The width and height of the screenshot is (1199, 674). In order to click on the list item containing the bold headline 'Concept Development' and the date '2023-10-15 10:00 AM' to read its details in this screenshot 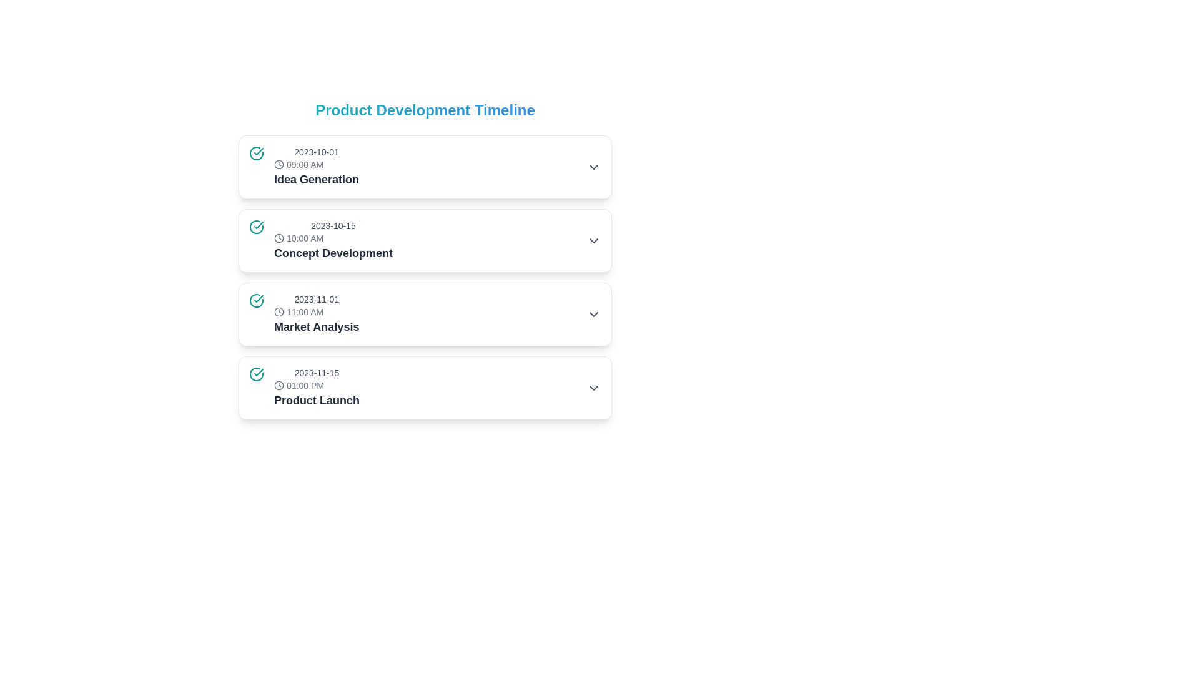, I will do `click(320, 240)`.